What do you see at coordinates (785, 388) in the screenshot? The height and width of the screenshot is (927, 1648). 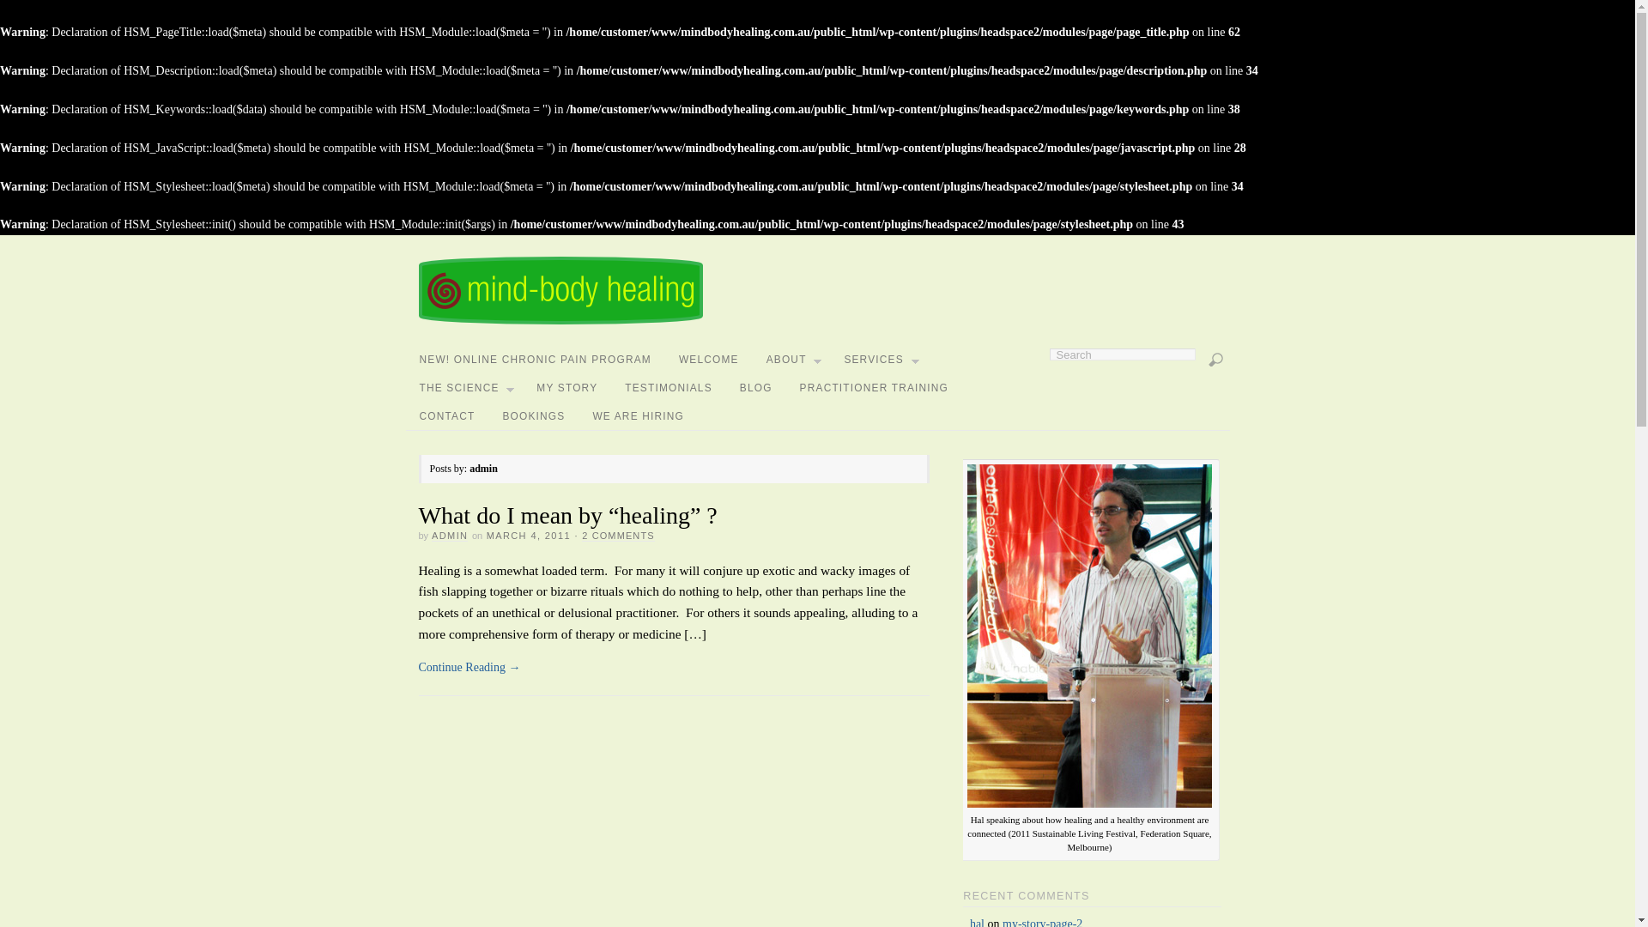 I see `'PRACTITIONER TRAINING'` at bounding box center [785, 388].